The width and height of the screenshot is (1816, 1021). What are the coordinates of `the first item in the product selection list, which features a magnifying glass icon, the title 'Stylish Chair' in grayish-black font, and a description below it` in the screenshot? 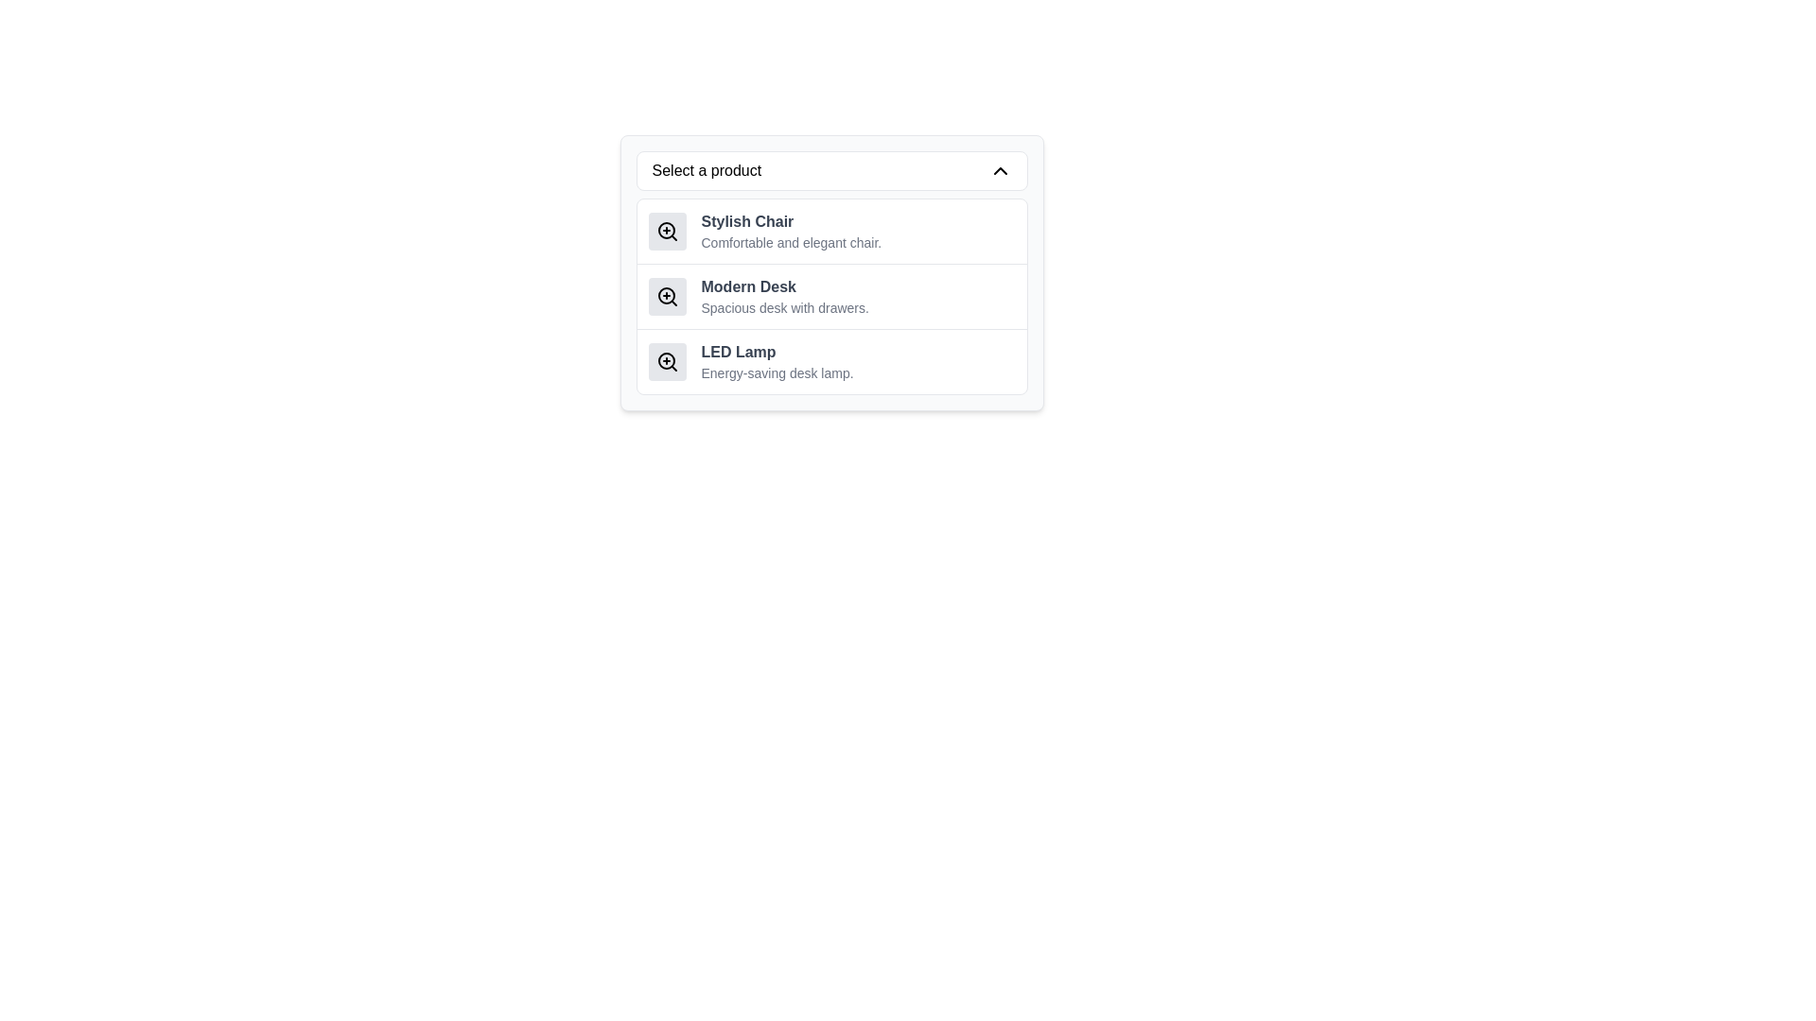 It's located at (831, 231).